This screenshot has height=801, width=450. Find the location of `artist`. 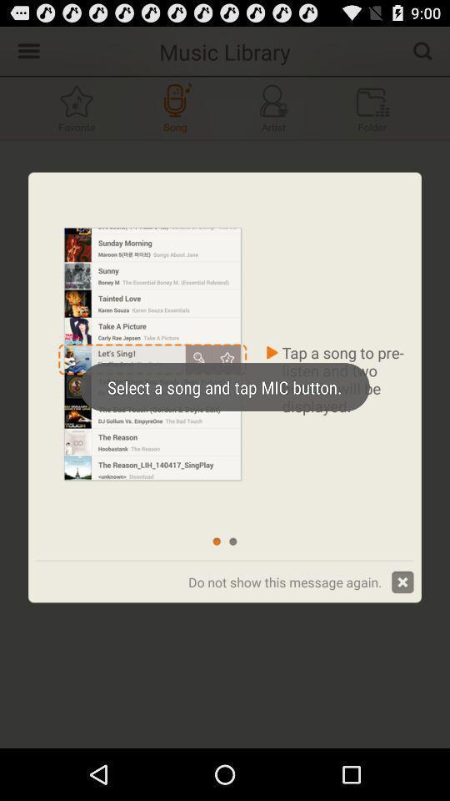

artist is located at coordinates (273, 107).